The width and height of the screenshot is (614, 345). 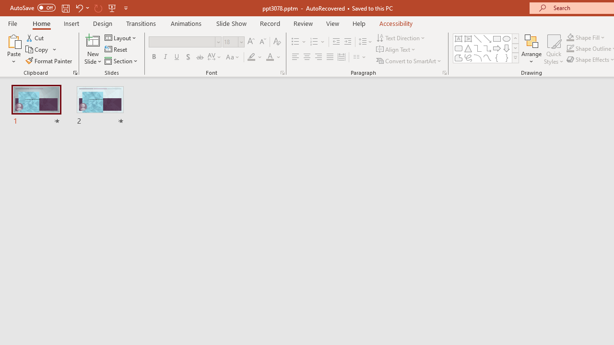 I want to click on 'Font', so click(x=185, y=41).